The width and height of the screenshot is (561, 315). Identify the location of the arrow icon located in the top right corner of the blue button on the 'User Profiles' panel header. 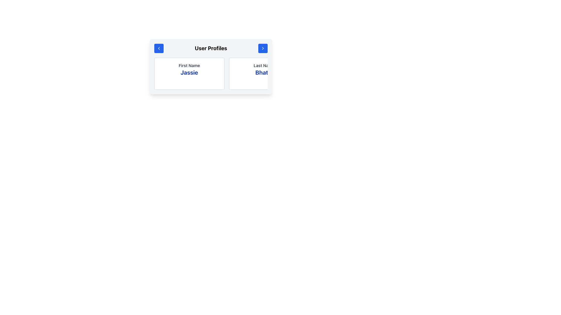
(262, 48).